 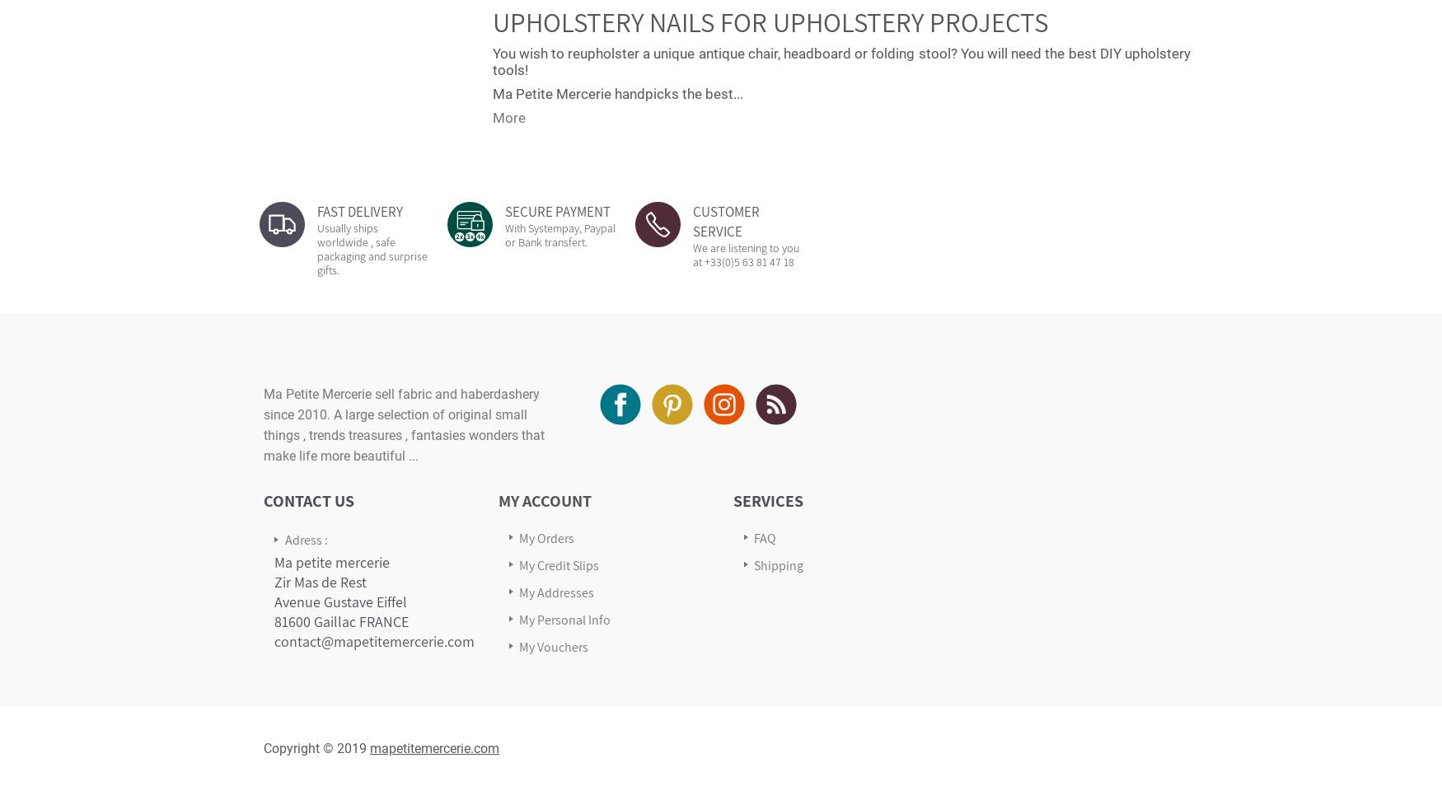 I want to click on 'Zir Mas de Rest', so click(x=320, y=581).